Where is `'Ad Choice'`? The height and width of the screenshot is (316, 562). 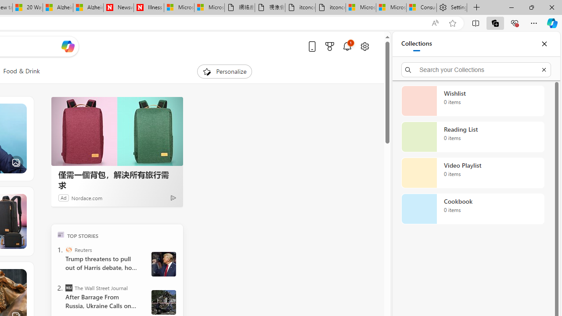
'Ad Choice' is located at coordinates (173, 197).